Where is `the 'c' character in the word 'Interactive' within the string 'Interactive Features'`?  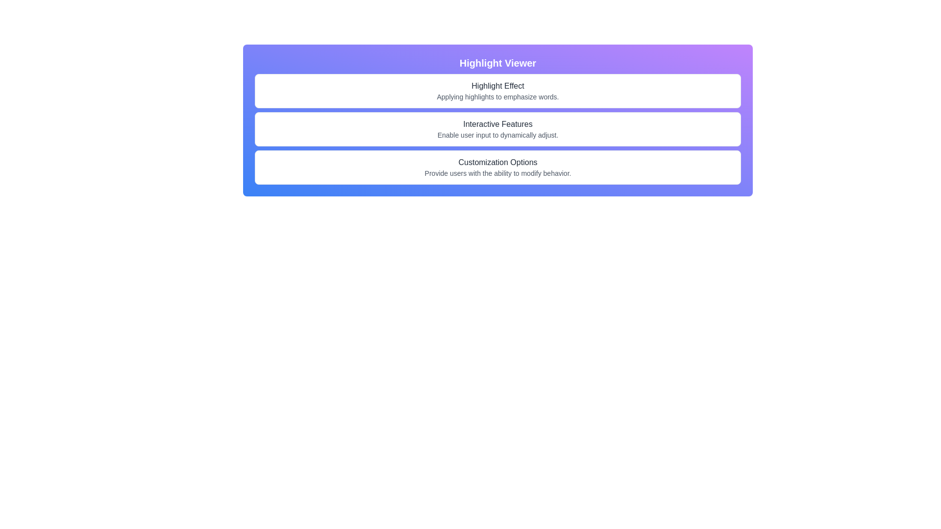
the 'c' character in the word 'Interactive' within the string 'Interactive Features' is located at coordinates (485, 123).